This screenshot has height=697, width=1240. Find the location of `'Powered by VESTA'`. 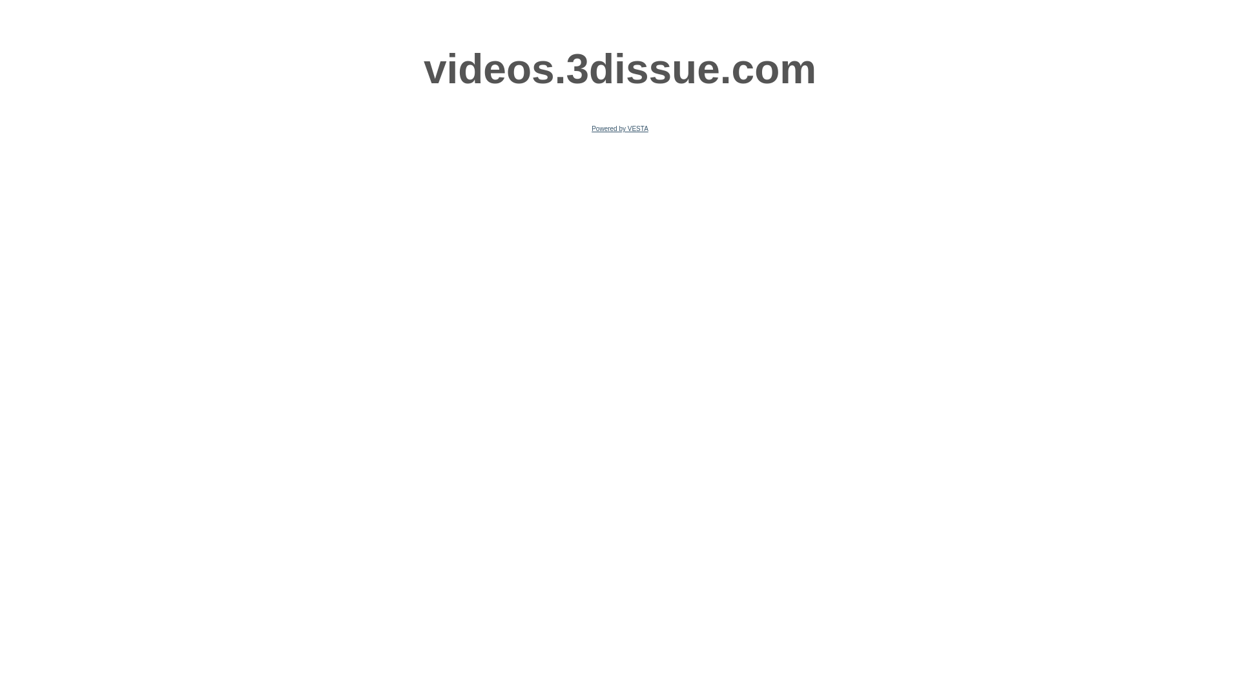

'Powered by VESTA' is located at coordinates (620, 128).